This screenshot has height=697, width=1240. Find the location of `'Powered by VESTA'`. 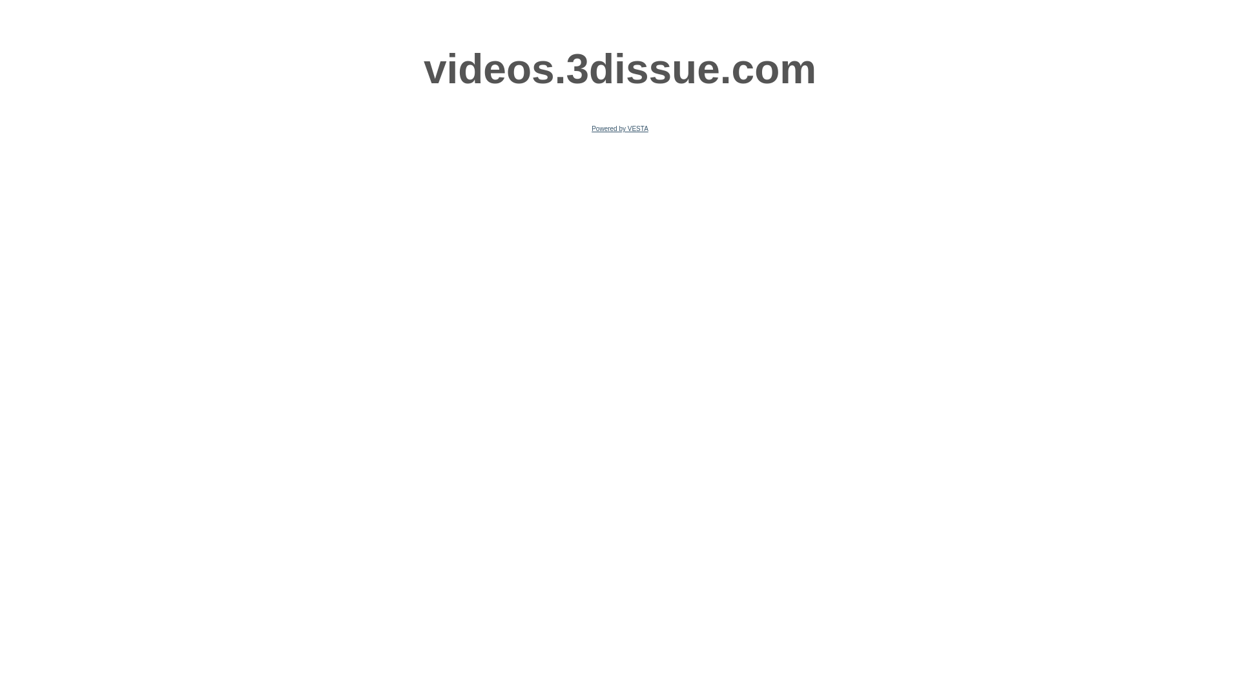

'Powered by VESTA' is located at coordinates (620, 128).